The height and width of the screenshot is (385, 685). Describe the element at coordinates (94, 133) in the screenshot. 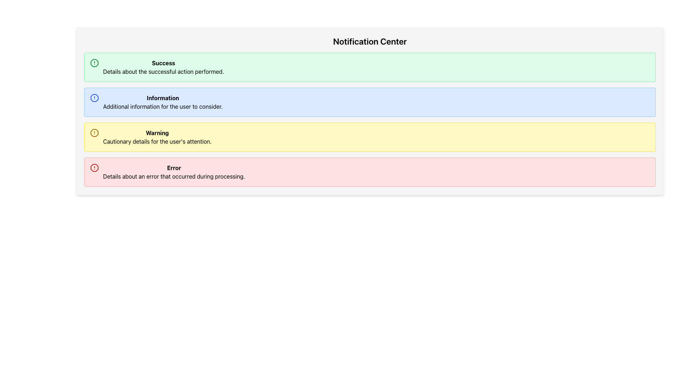

I see `the octagonal warning icon with a yellow stroke color, which features a filled exclamation mark and is located adjacent to the label 'Warning' in the notification card, to emphasize the warning` at that location.